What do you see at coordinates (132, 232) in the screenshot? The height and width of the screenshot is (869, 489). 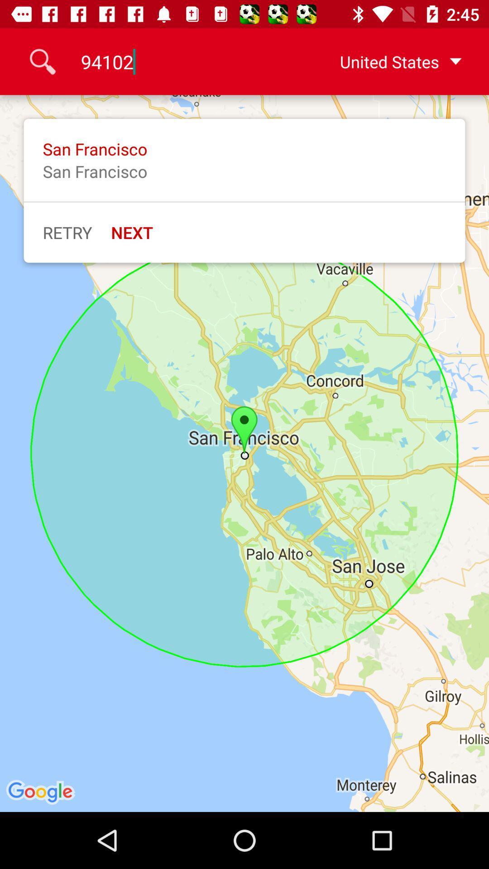 I see `next` at bounding box center [132, 232].